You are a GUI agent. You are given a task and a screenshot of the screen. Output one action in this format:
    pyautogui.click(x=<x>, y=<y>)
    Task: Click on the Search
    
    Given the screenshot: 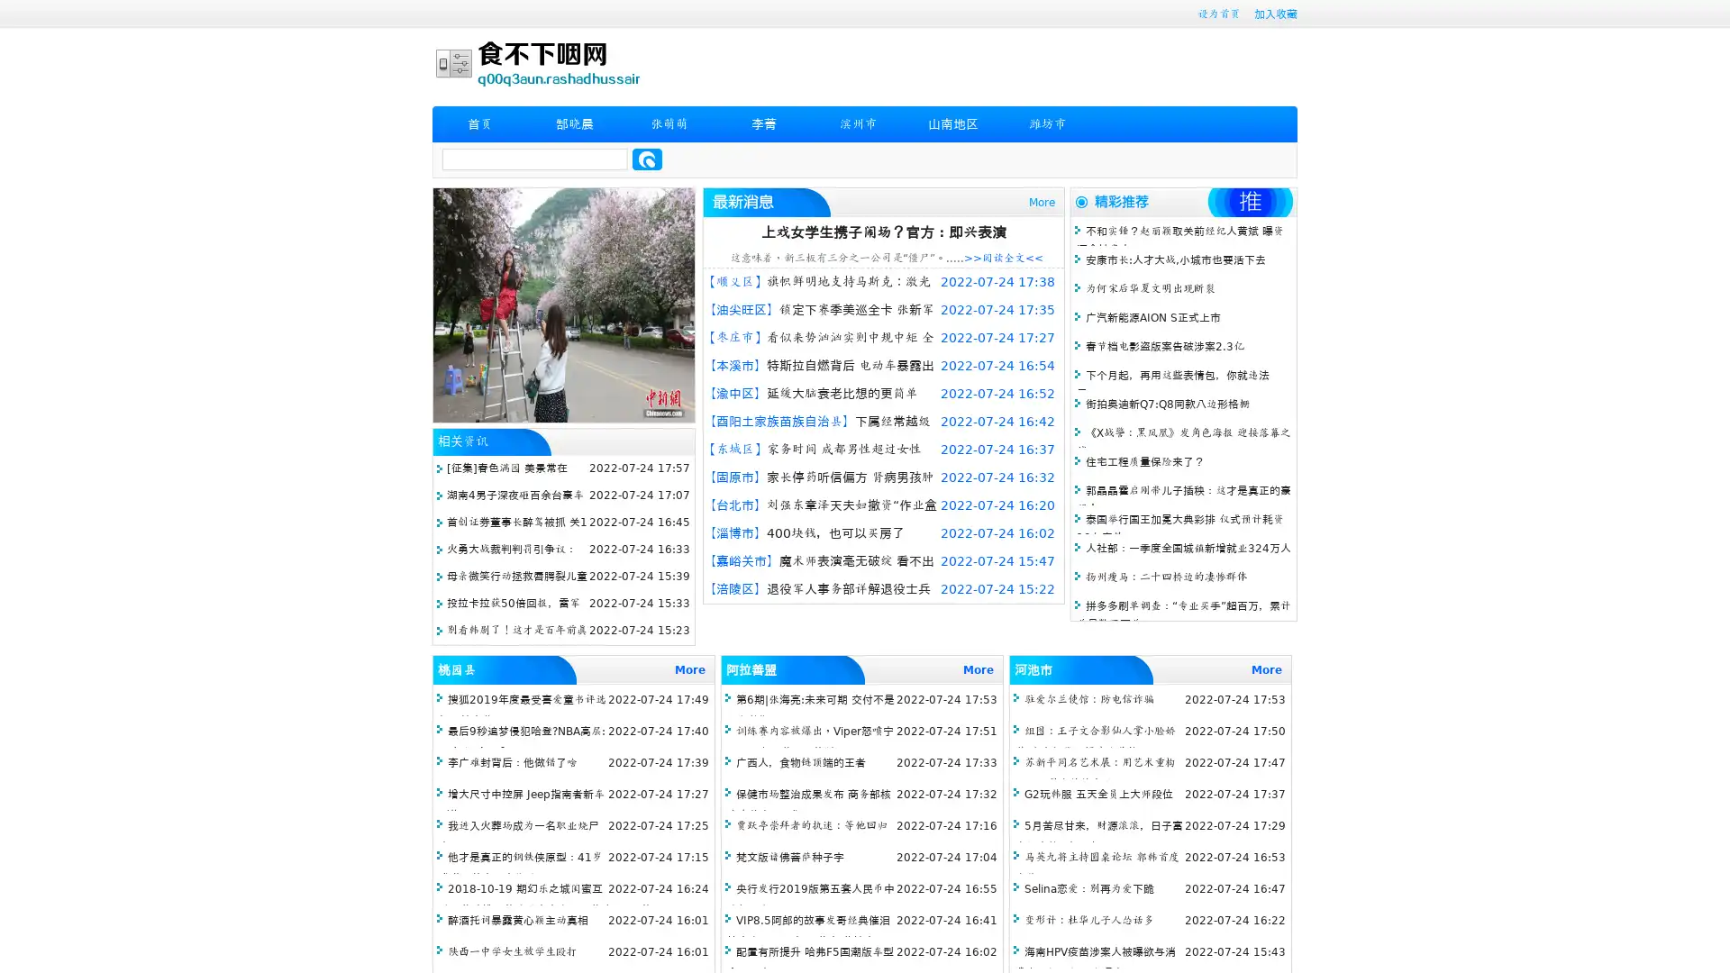 What is the action you would take?
    pyautogui.click(x=647, y=159)
    